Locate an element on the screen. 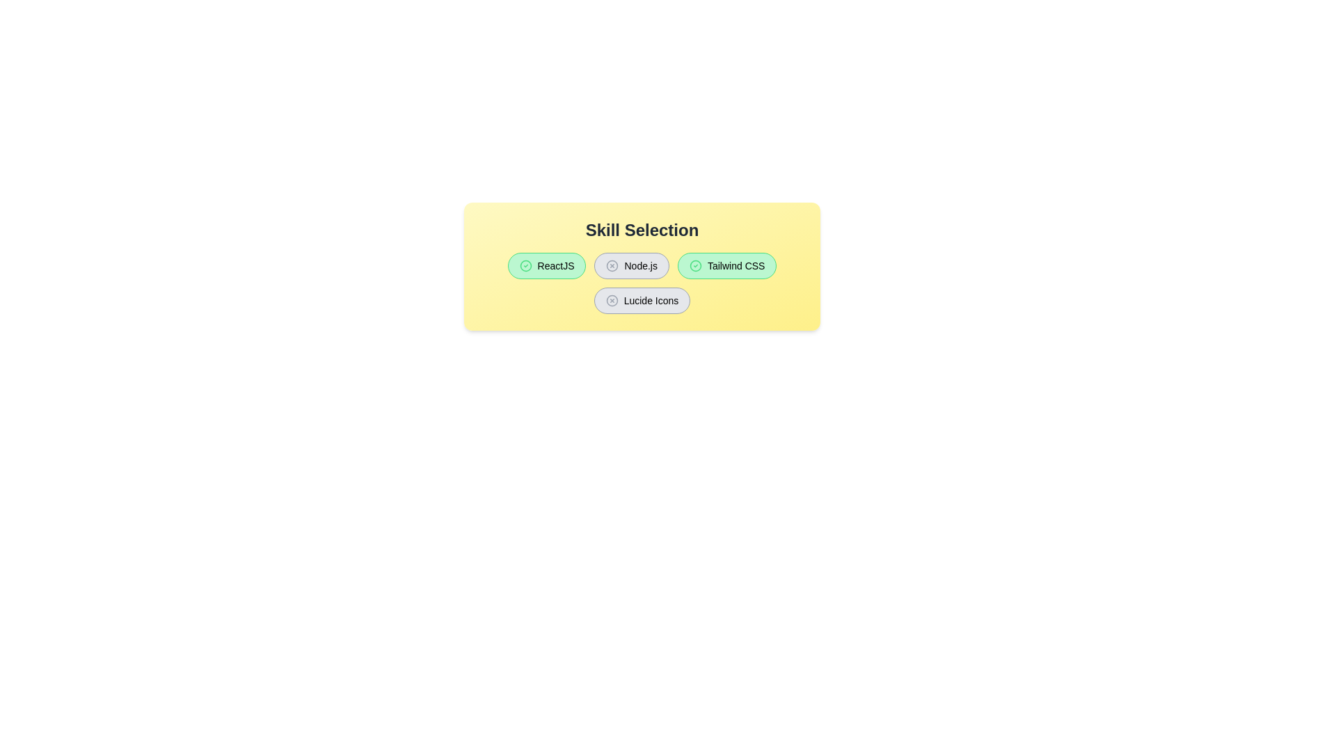 This screenshot has height=752, width=1336. the button labeled Node.js to observe the hover effect is located at coordinates (630, 265).